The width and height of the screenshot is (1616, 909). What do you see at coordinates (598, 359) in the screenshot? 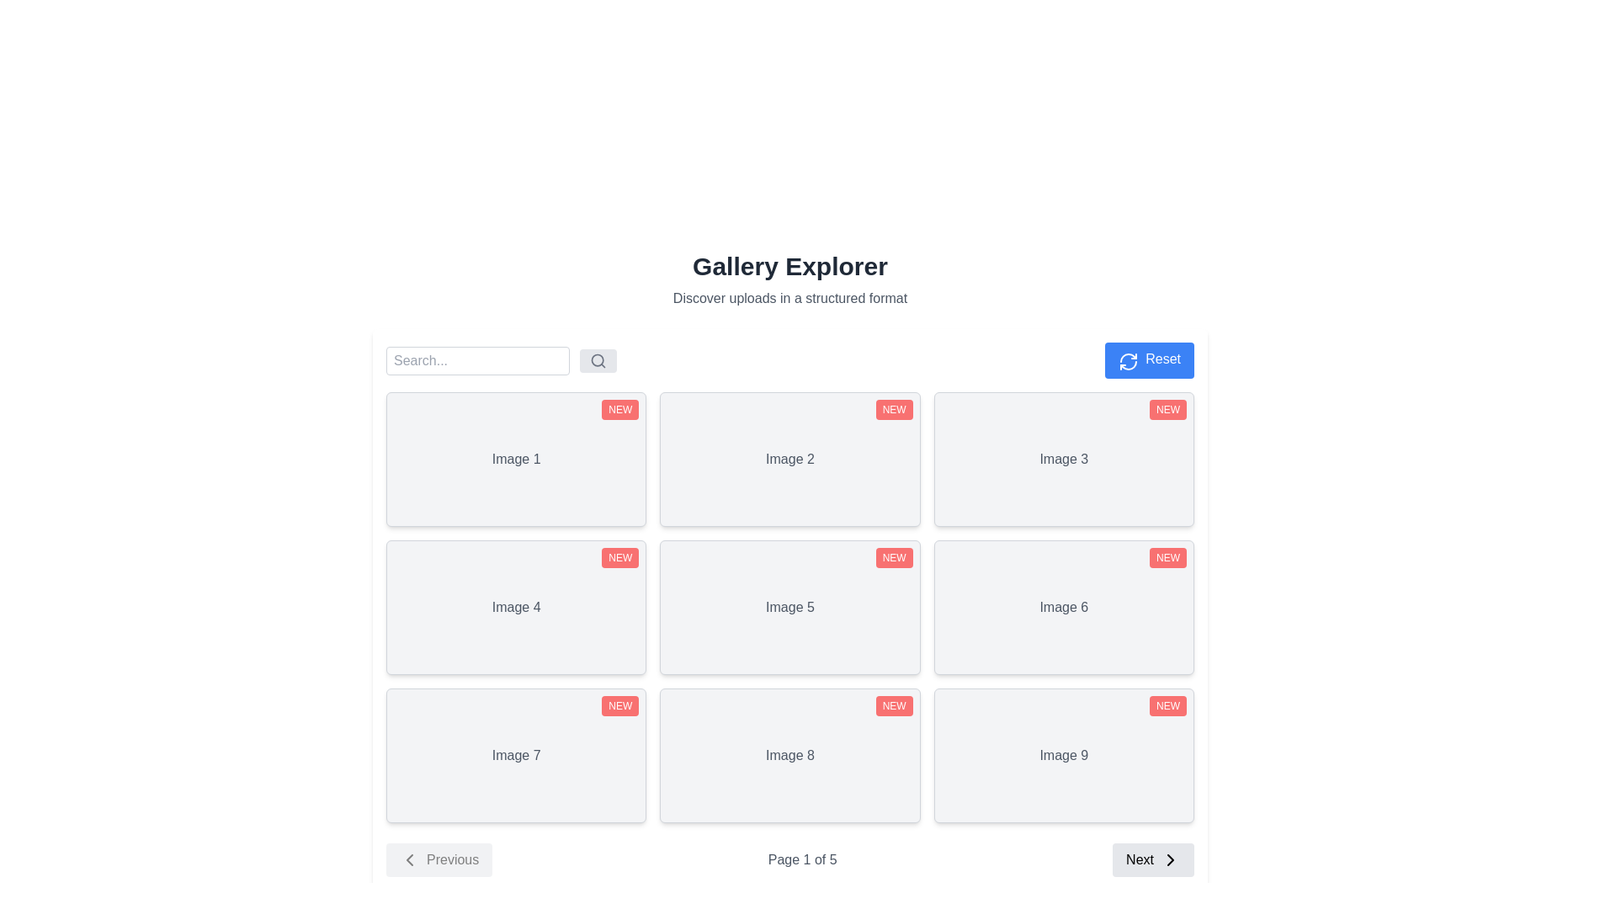
I see `the magnifying glass icon button to initiate a search operation` at bounding box center [598, 359].